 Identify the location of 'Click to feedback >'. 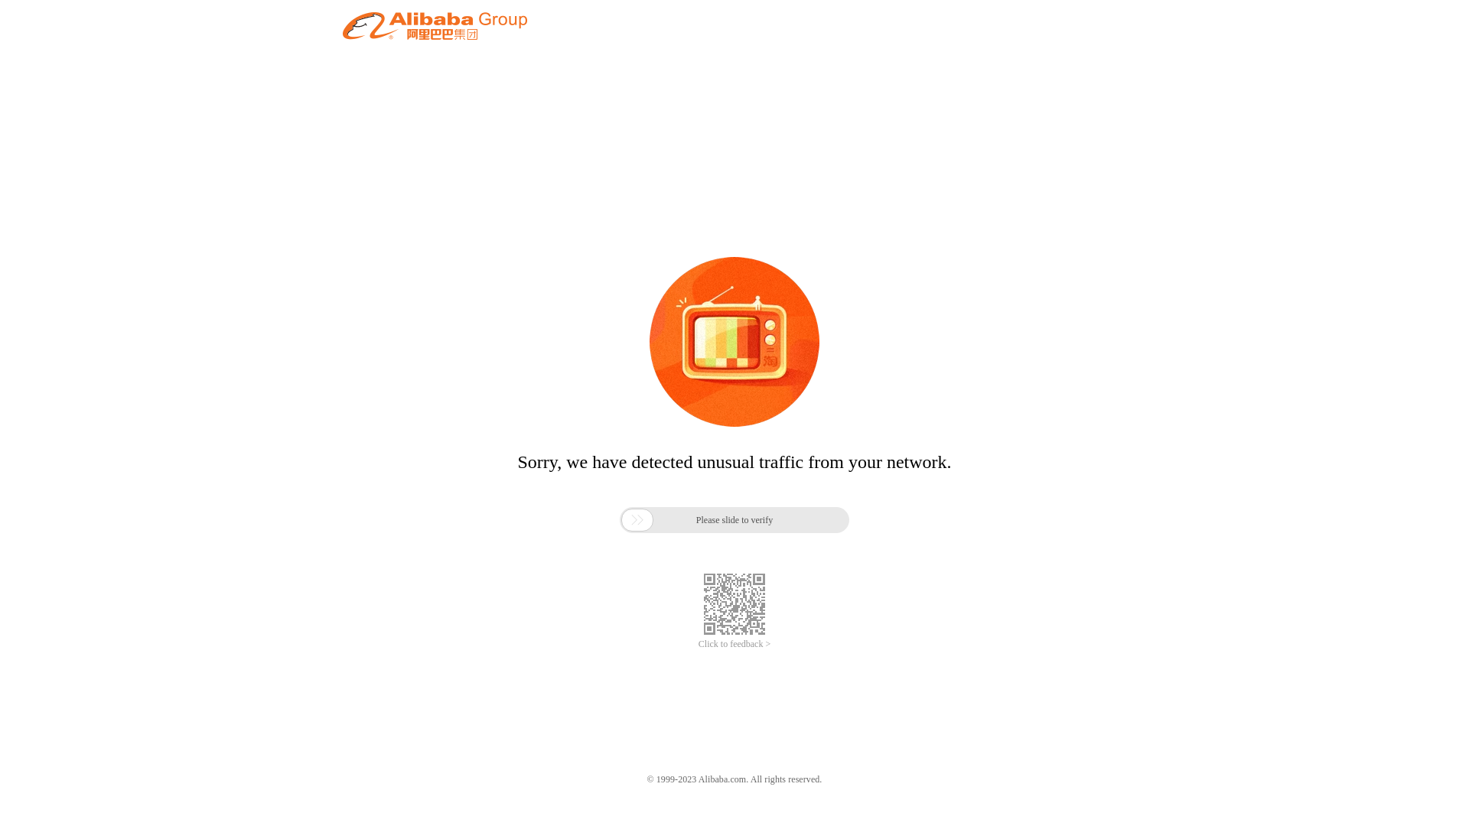
(697, 644).